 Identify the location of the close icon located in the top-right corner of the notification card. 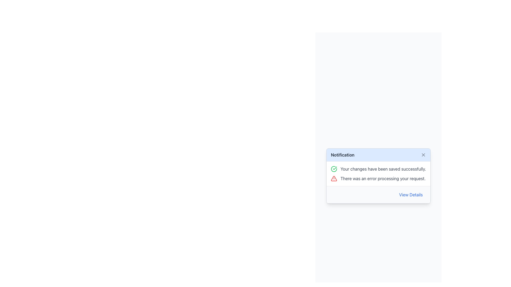
(423, 155).